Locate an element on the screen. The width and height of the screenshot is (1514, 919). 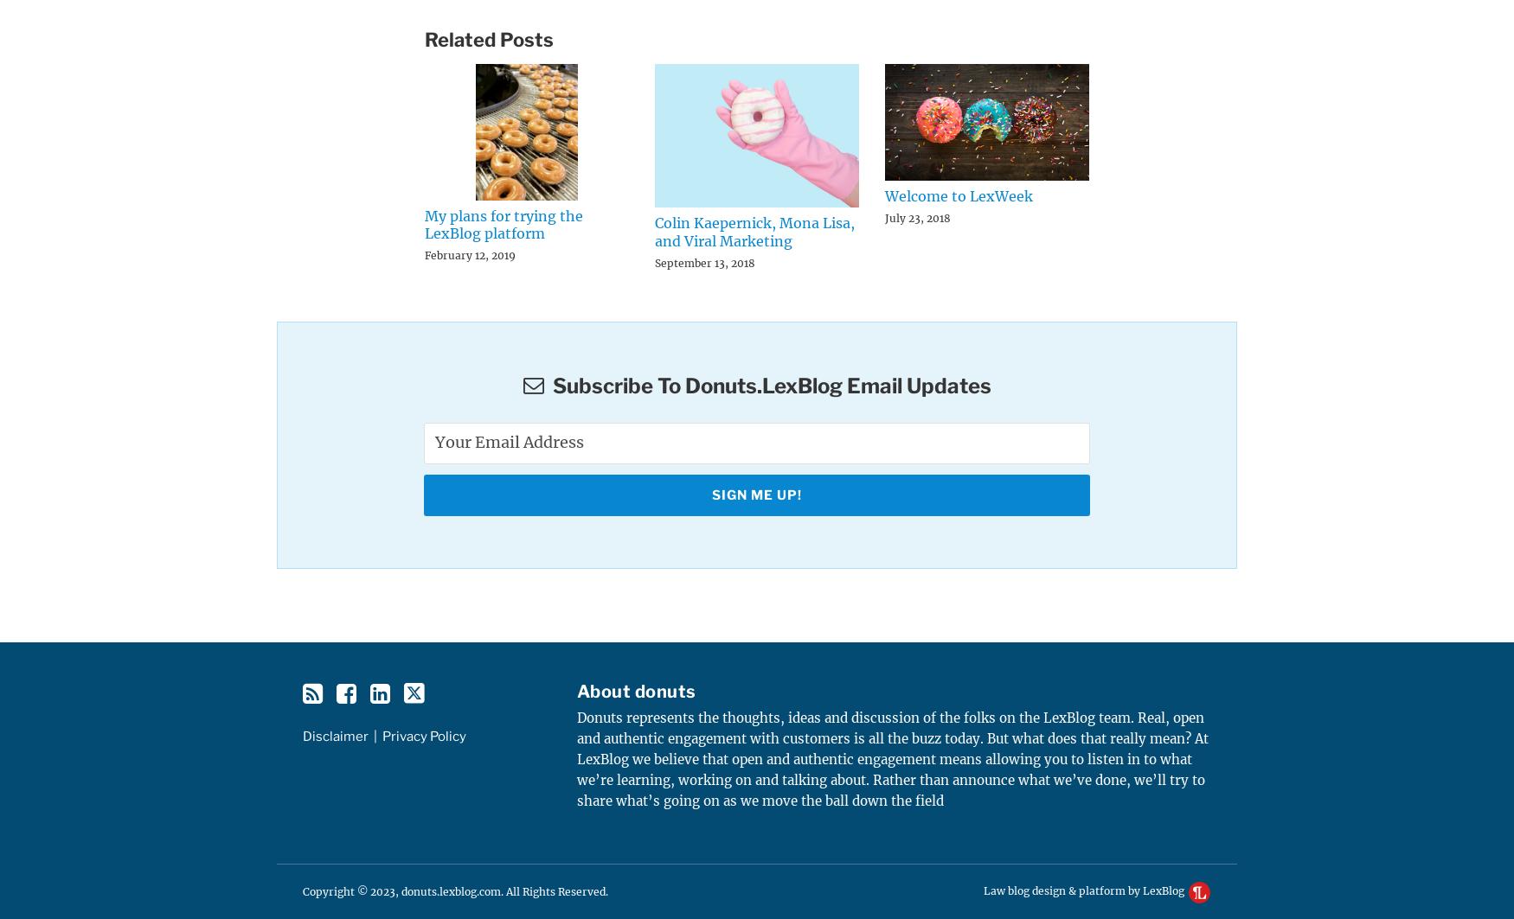
'Colin Kaepernick, Mona Lisa, and Viral Marketing' is located at coordinates (754, 232).